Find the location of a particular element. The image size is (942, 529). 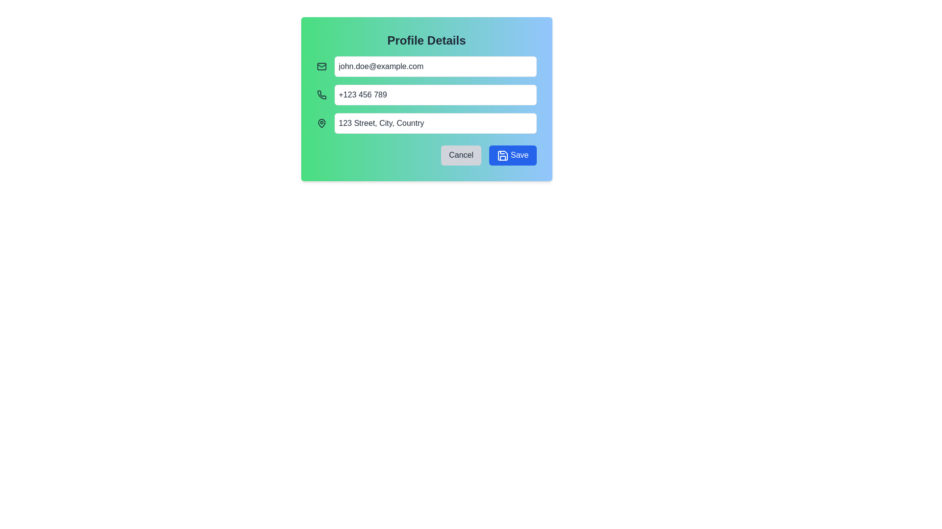

the body rectangle portion of the envelope icon that indicates an email-related context, located to the left of the email input field is located at coordinates (321, 66).